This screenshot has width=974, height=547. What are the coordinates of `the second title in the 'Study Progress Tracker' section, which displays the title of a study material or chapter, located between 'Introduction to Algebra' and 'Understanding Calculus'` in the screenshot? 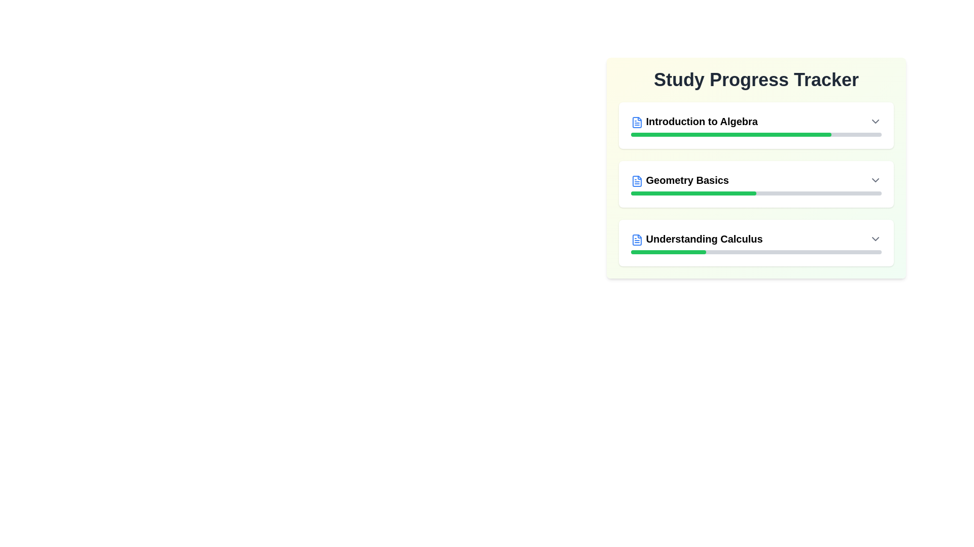 It's located at (680, 179).